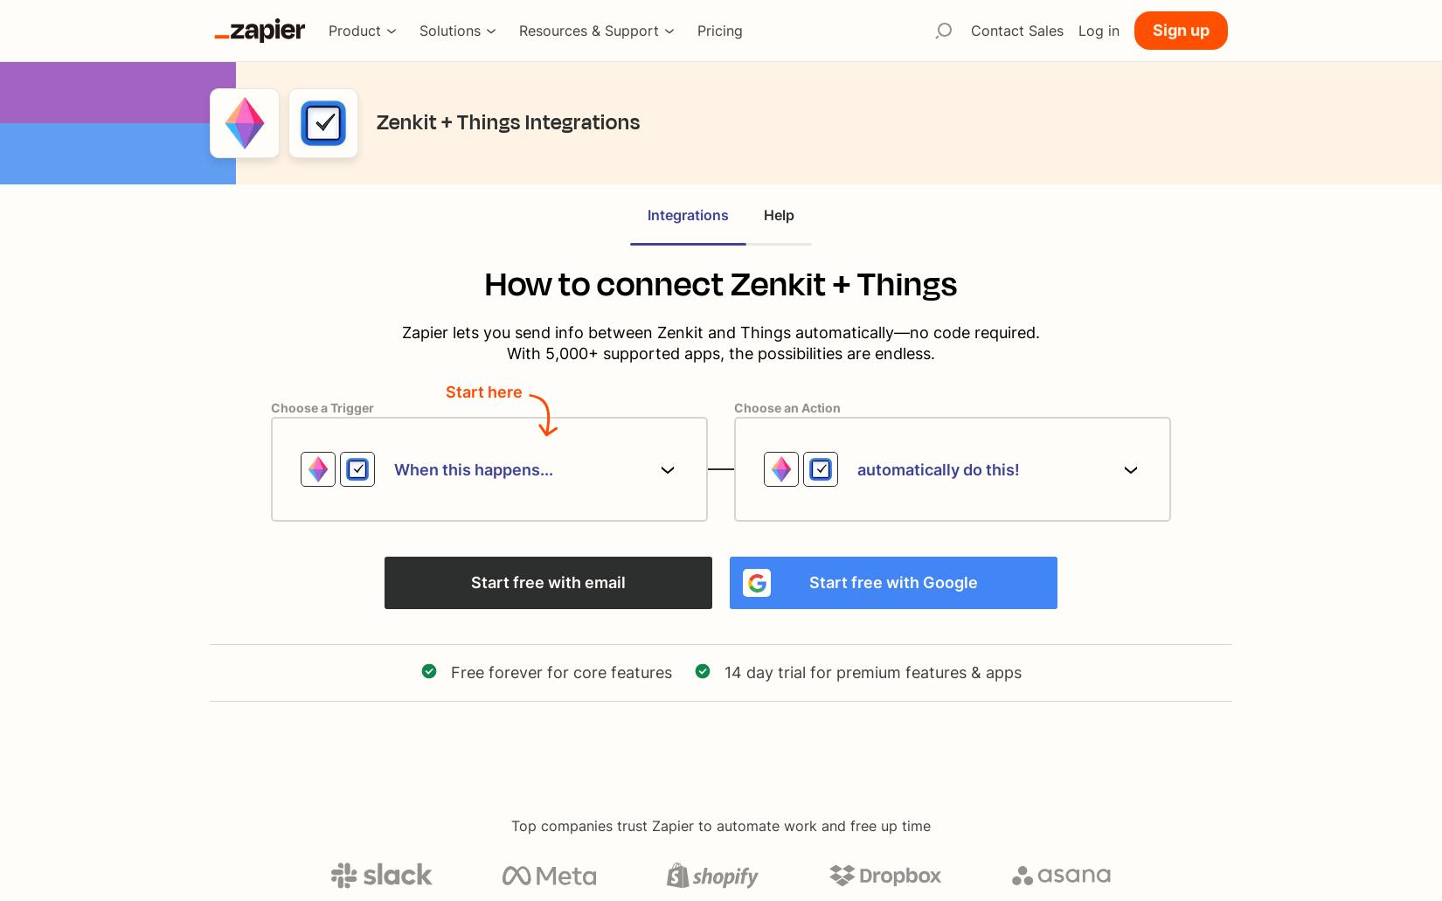 This screenshot has height=901, width=1442. I want to click on 'Zenkit + Things Integrations', so click(507, 120).